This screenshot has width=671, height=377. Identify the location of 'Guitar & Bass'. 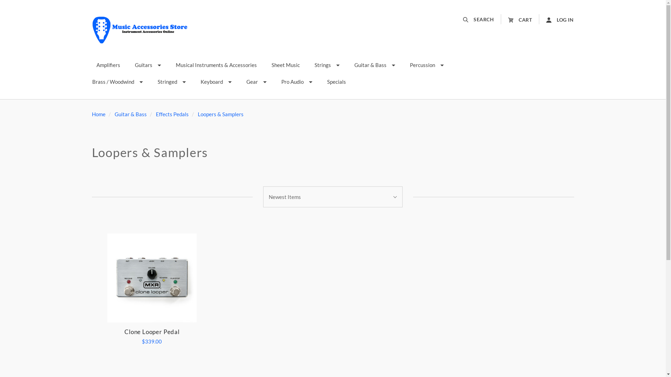
(131, 114).